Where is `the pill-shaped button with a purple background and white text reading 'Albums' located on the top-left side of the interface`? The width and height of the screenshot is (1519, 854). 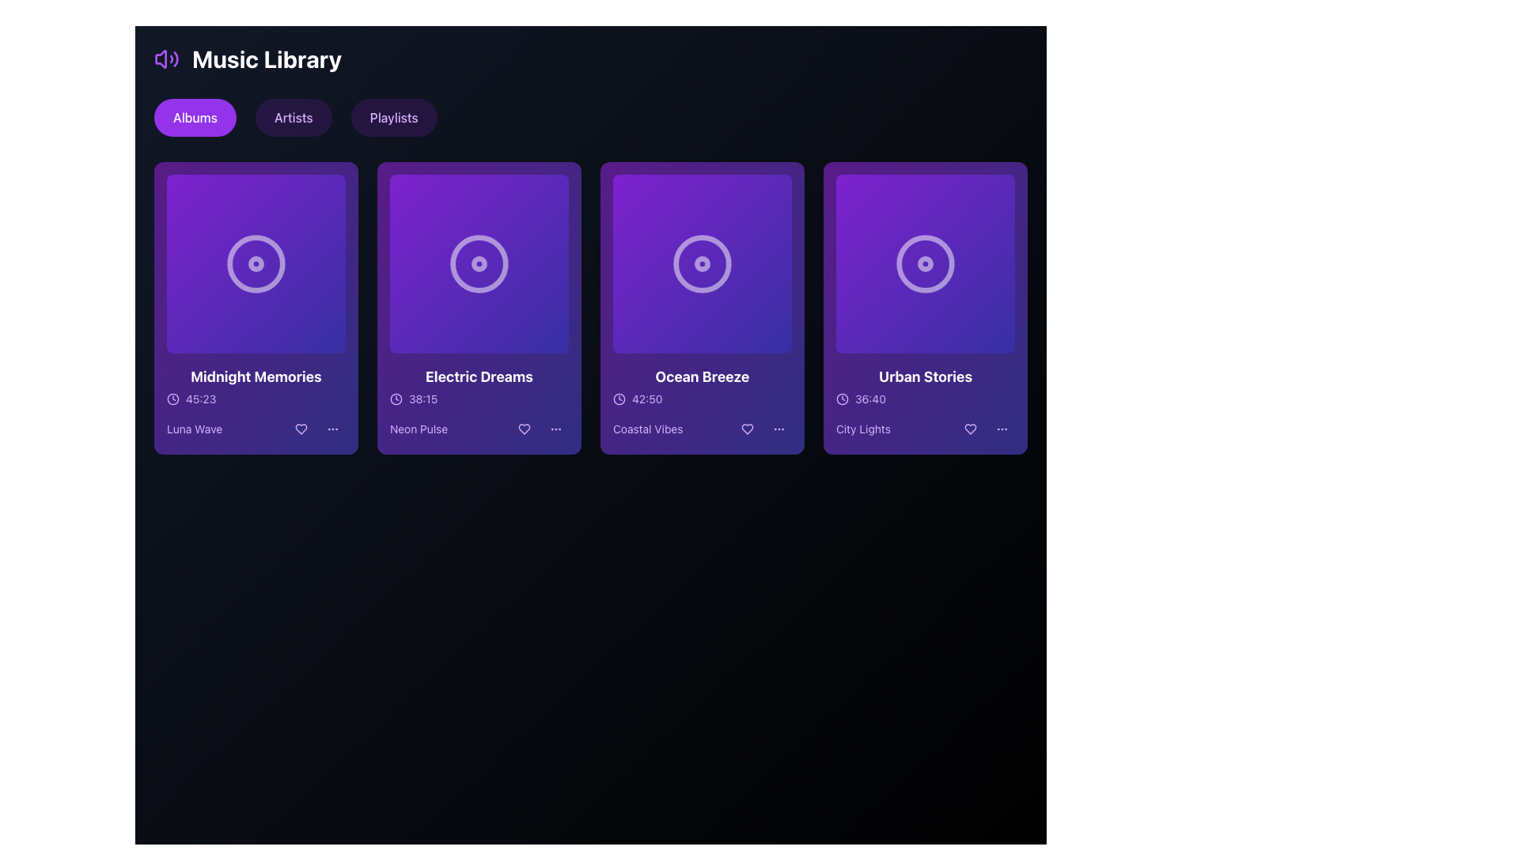
the pill-shaped button with a purple background and white text reading 'Albums' located on the top-left side of the interface is located at coordinates (194, 117).